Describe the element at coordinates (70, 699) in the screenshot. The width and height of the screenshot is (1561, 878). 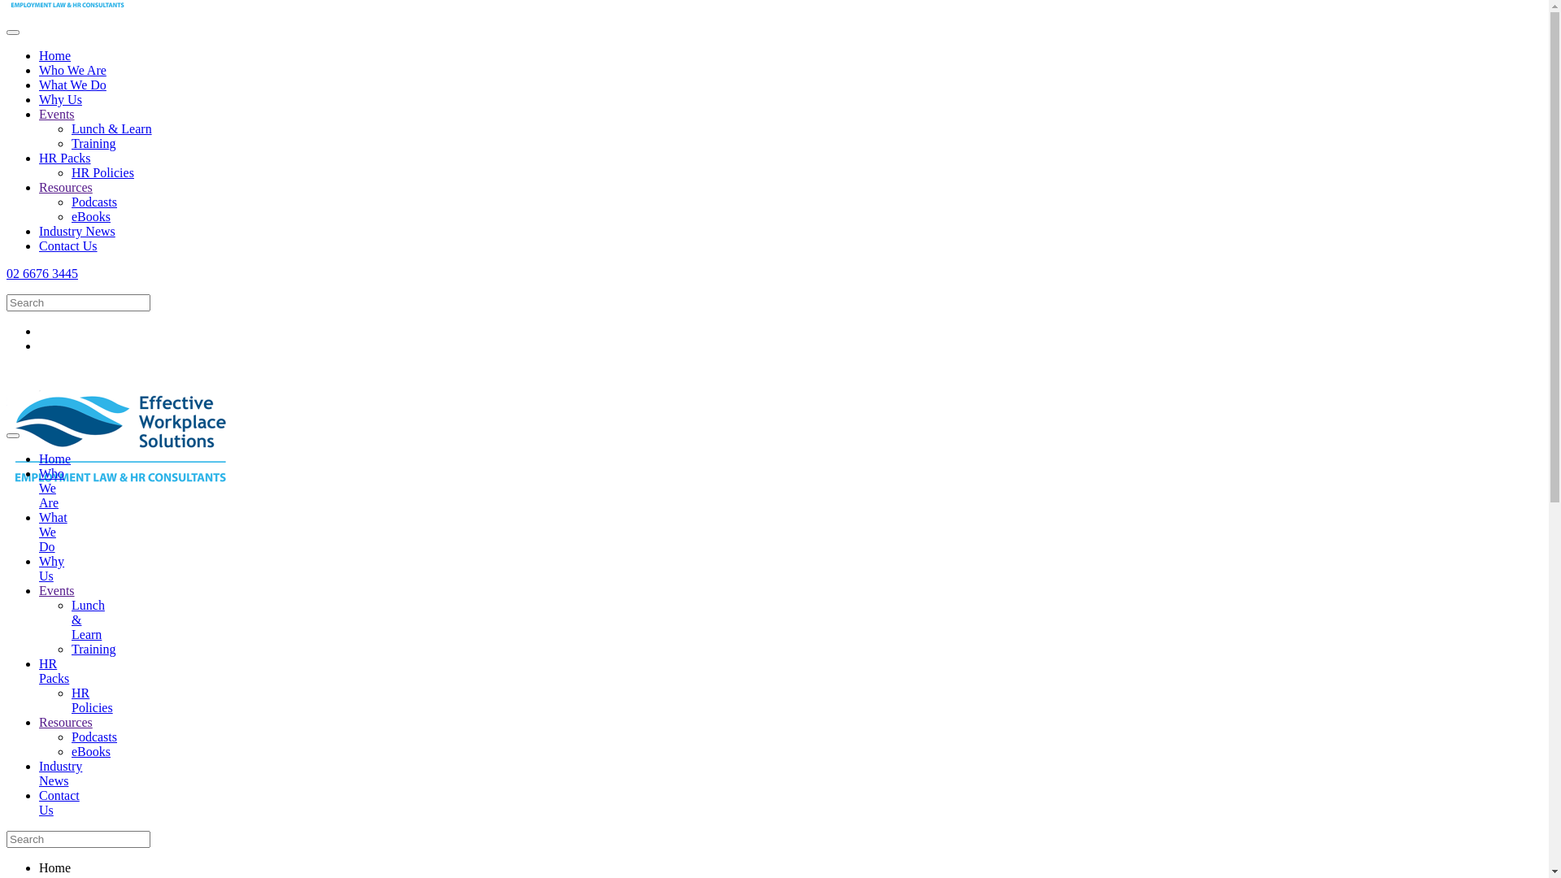
I see `'HR Policies'` at that location.